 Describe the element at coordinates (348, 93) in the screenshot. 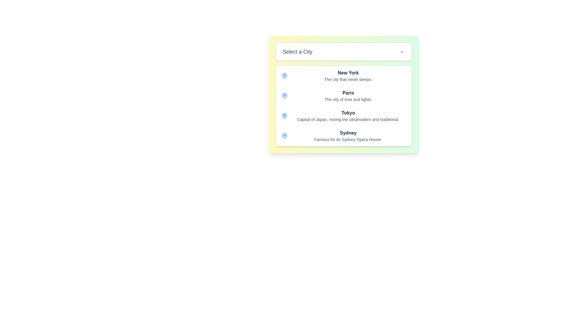

I see `the text label displaying 'Paris' in bold dark gray font, located in a dropdown menu interface above the description text 'The city of love and lights'` at that location.